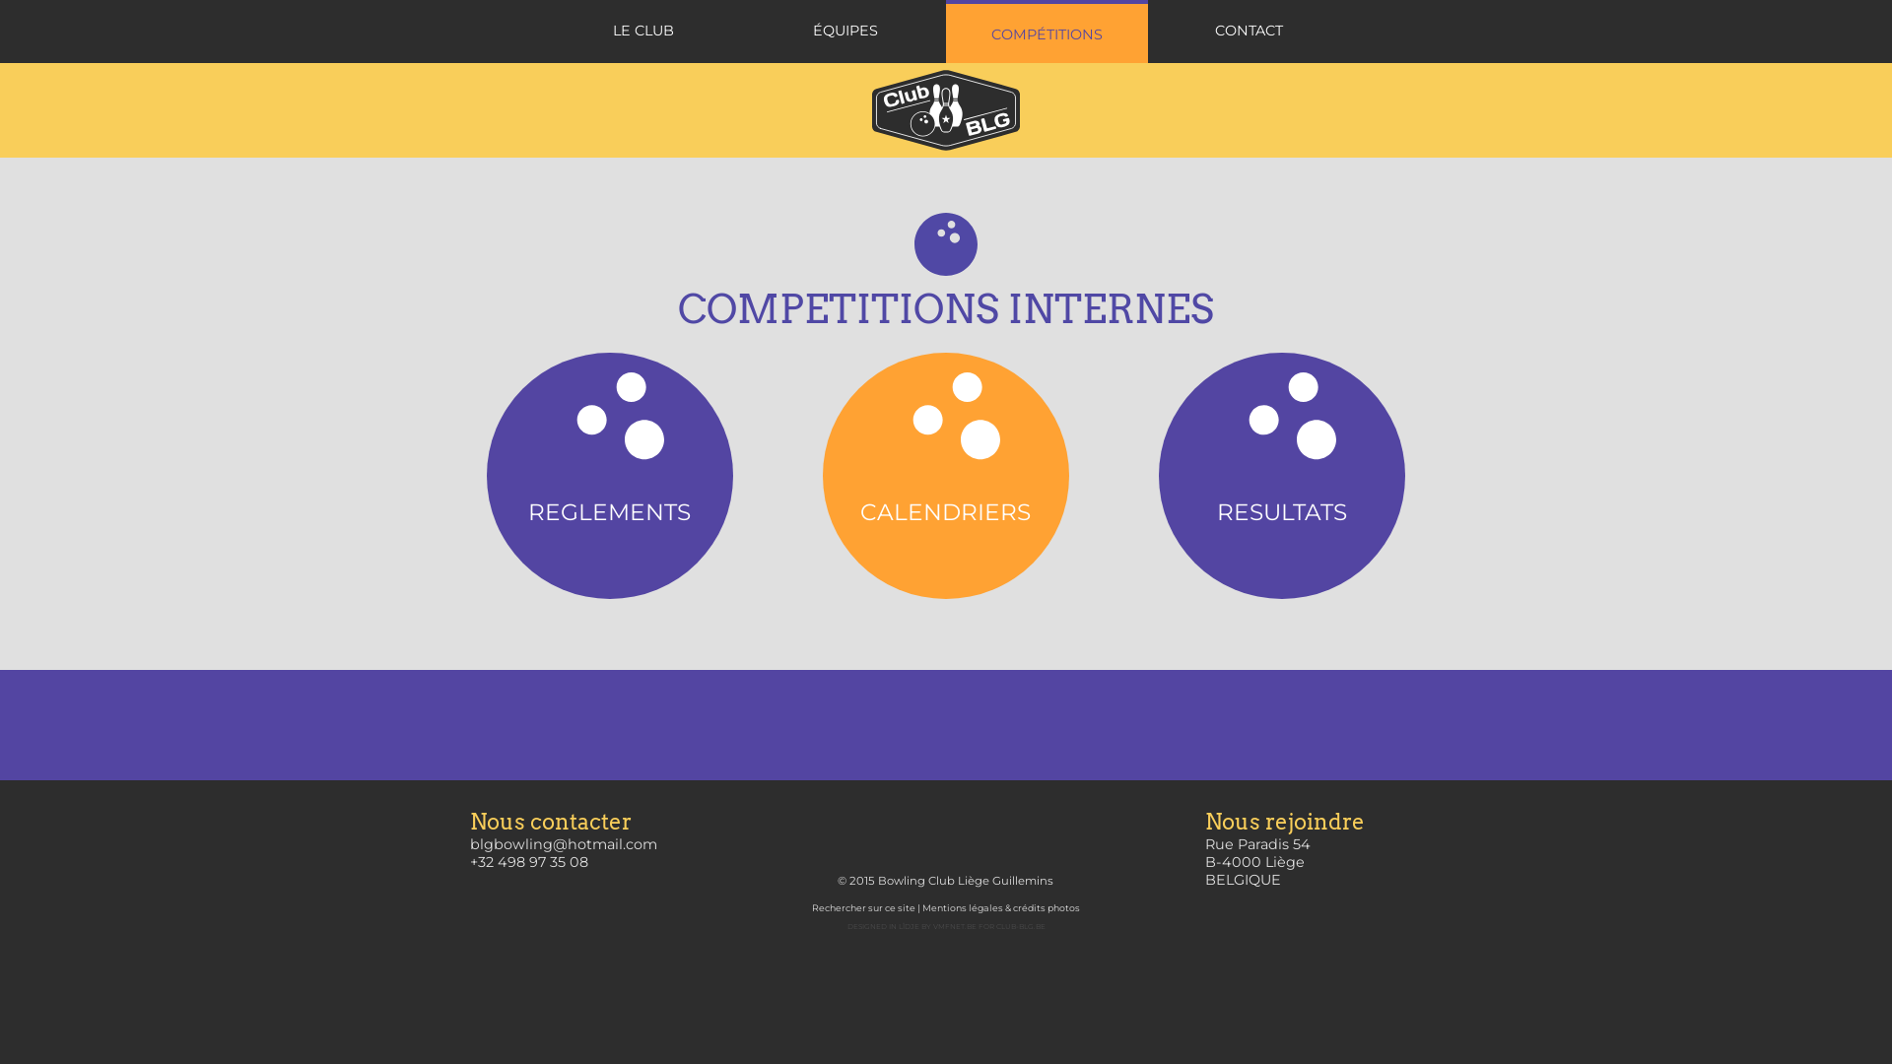 This screenshot has height=1064, width=1892. What do you see at coordinates (1248, 31) in the screenshot?
I see `'CONTACT'` at bounding box center [1248, 31].